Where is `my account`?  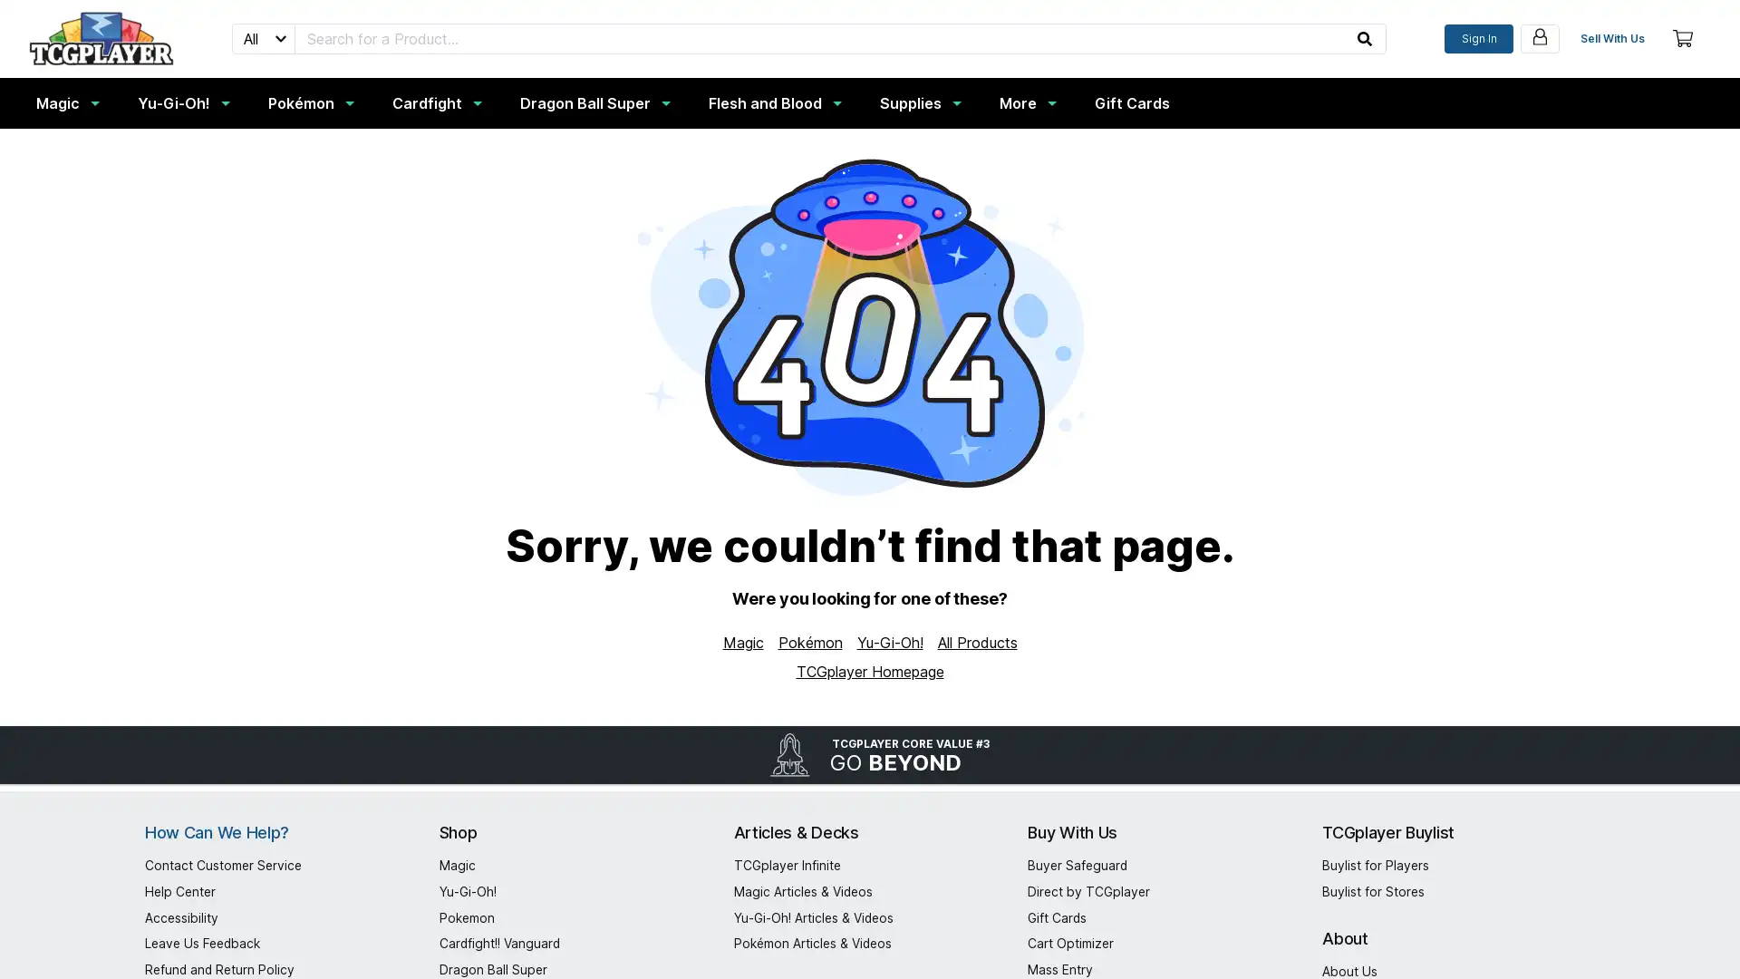 my account is located at coordinates (1539, 38).